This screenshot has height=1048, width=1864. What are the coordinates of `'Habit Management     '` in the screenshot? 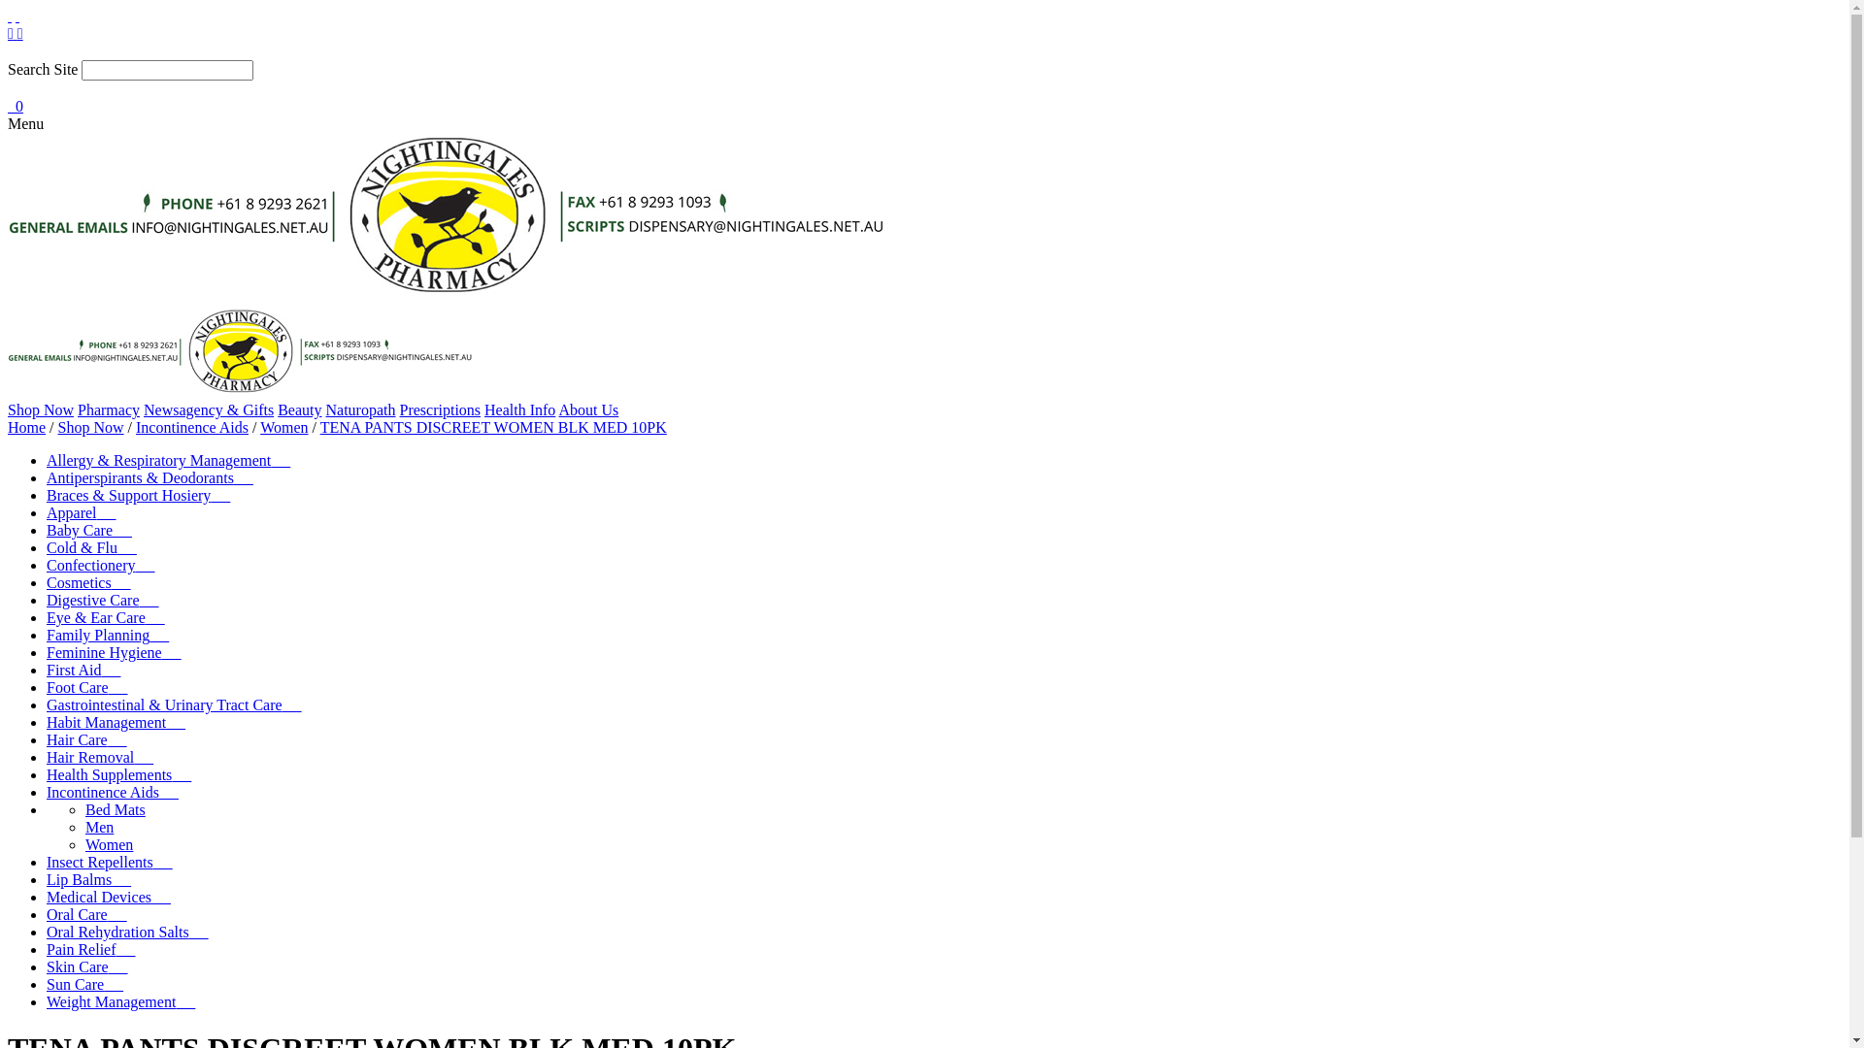 It's located at (115, 722).